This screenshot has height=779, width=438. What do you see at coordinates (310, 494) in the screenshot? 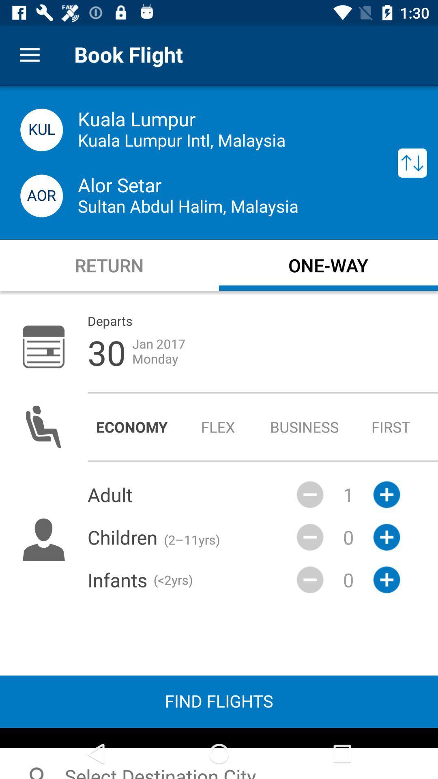
I see `the minus icon` at bounding box center [310, 494].